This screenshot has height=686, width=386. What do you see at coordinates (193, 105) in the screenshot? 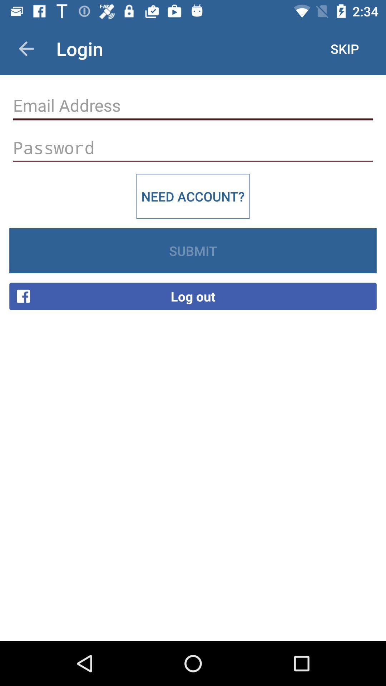
I see `text box` at bounding box center [193, 105].